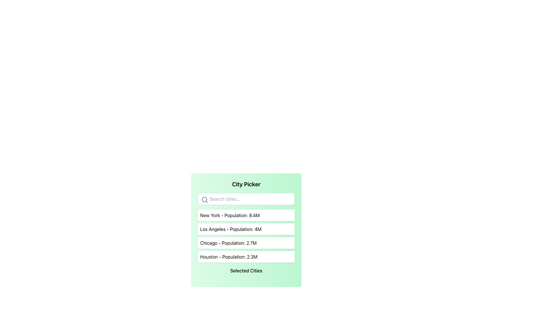 The height and width of the screenshot is (311, 553). What do you see at coordinates (204, 199) in the screenshot?
I see `the circular shape with an outline that is part of the search icon located at the top-left corner of the search input field in the City Picker interface` at bounding box center [204, 199].